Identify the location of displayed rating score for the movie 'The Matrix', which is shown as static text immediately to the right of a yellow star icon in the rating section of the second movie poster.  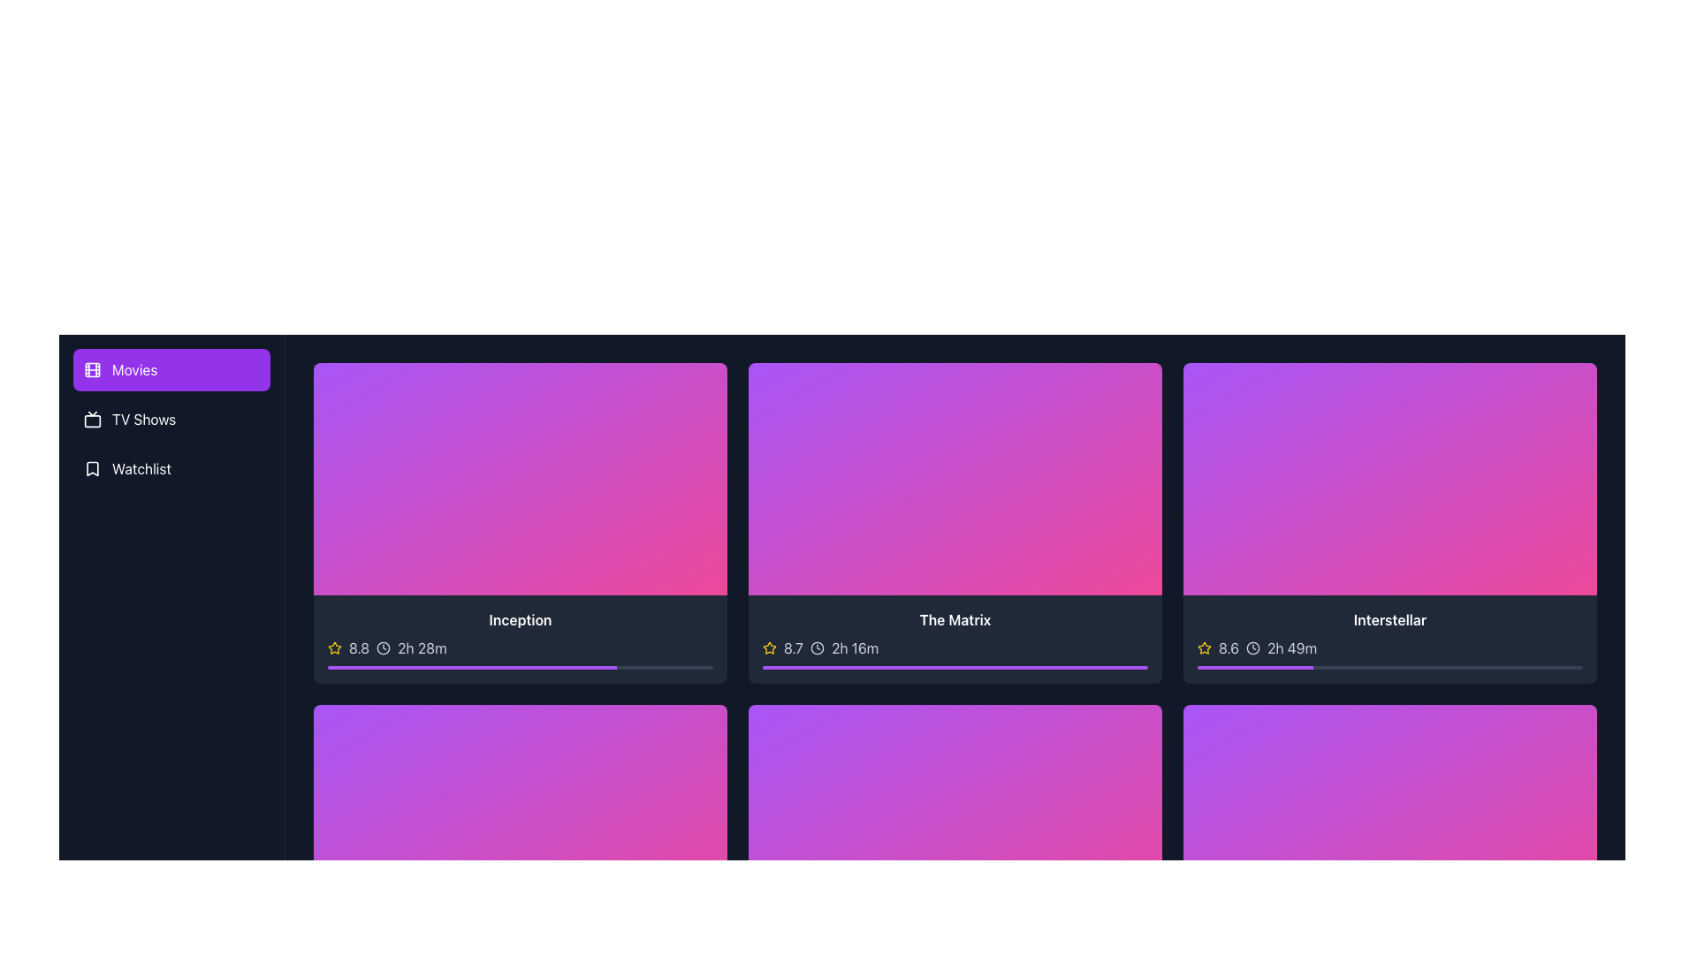
(792, 648).